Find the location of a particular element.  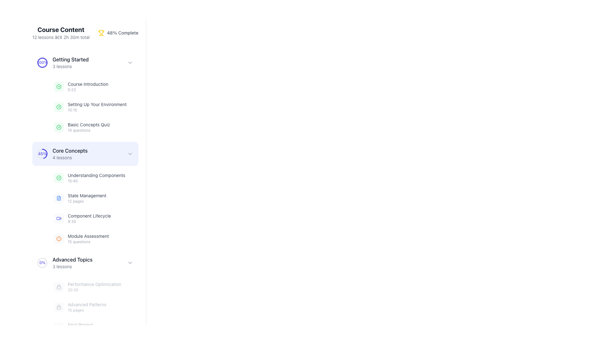

the summary text displaying the total number of lessons and estimated completion time, located below the 'Course Content' title in the left sidebar is located at coordinates (61, 37).